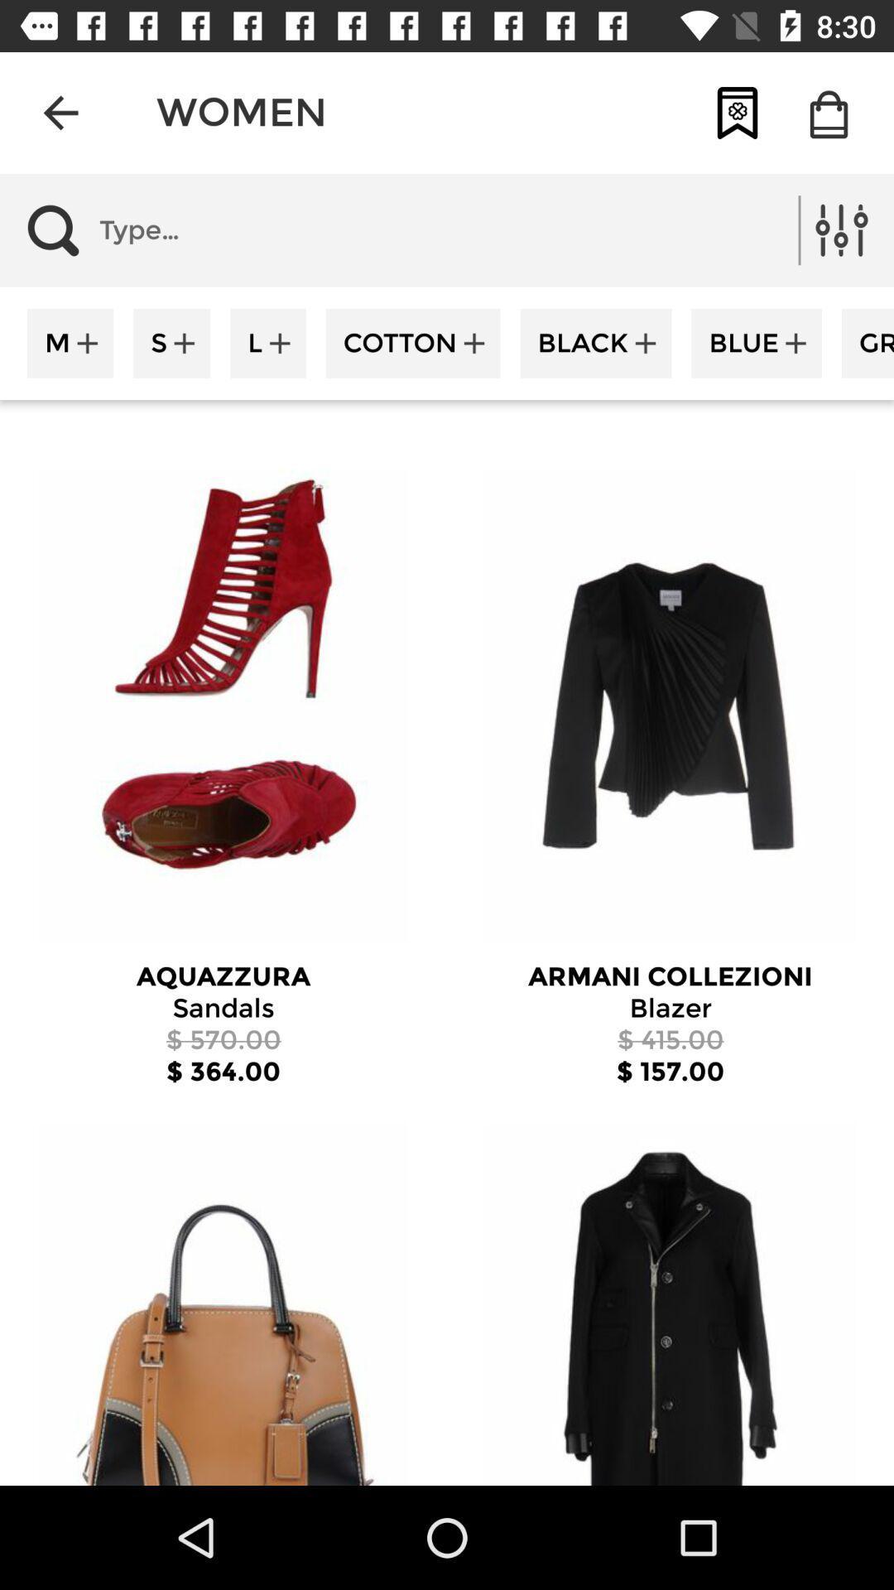 Image resolution: width=894 pixels, height=1590 pixels. I want to click on the icon next to black icon, so click(757, 342).